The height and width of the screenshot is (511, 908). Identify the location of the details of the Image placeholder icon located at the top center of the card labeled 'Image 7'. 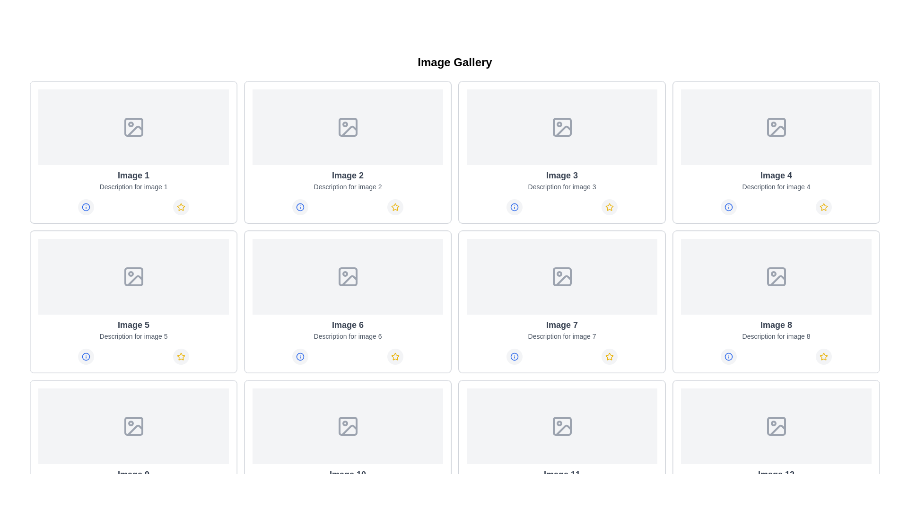
(562, 277).